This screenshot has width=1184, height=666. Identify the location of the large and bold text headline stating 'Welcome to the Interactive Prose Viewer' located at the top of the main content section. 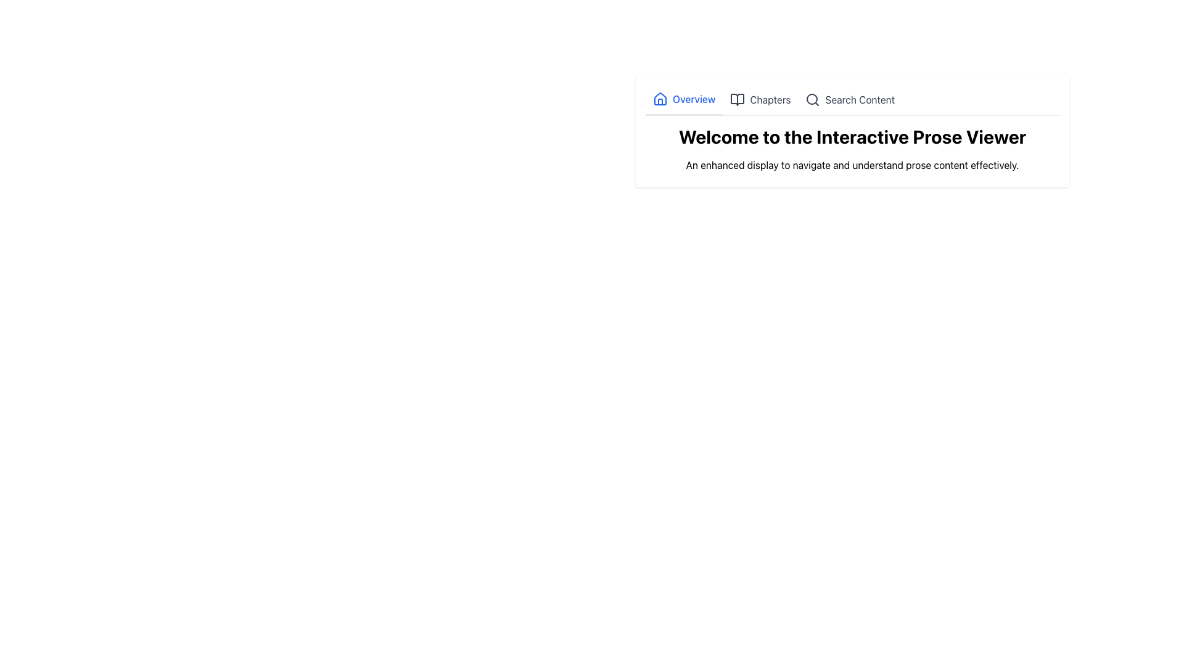
(852, 137).